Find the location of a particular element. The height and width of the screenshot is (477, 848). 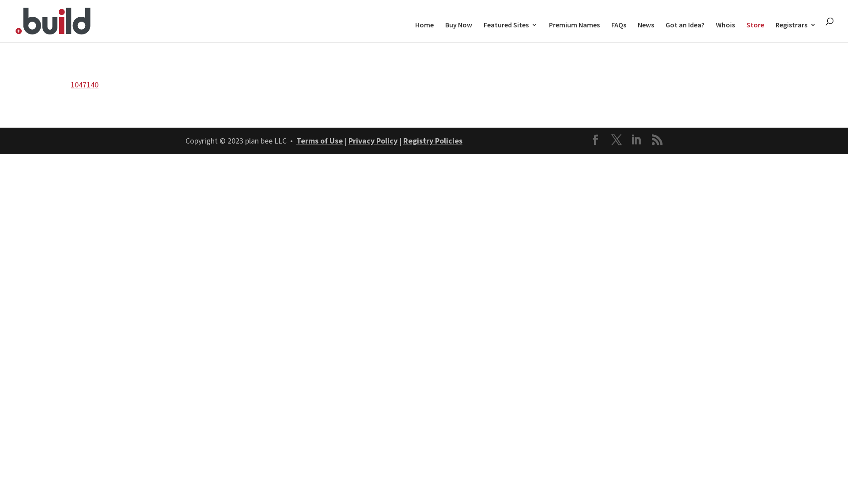

'Registrars' is located at coordinates (775, 31).